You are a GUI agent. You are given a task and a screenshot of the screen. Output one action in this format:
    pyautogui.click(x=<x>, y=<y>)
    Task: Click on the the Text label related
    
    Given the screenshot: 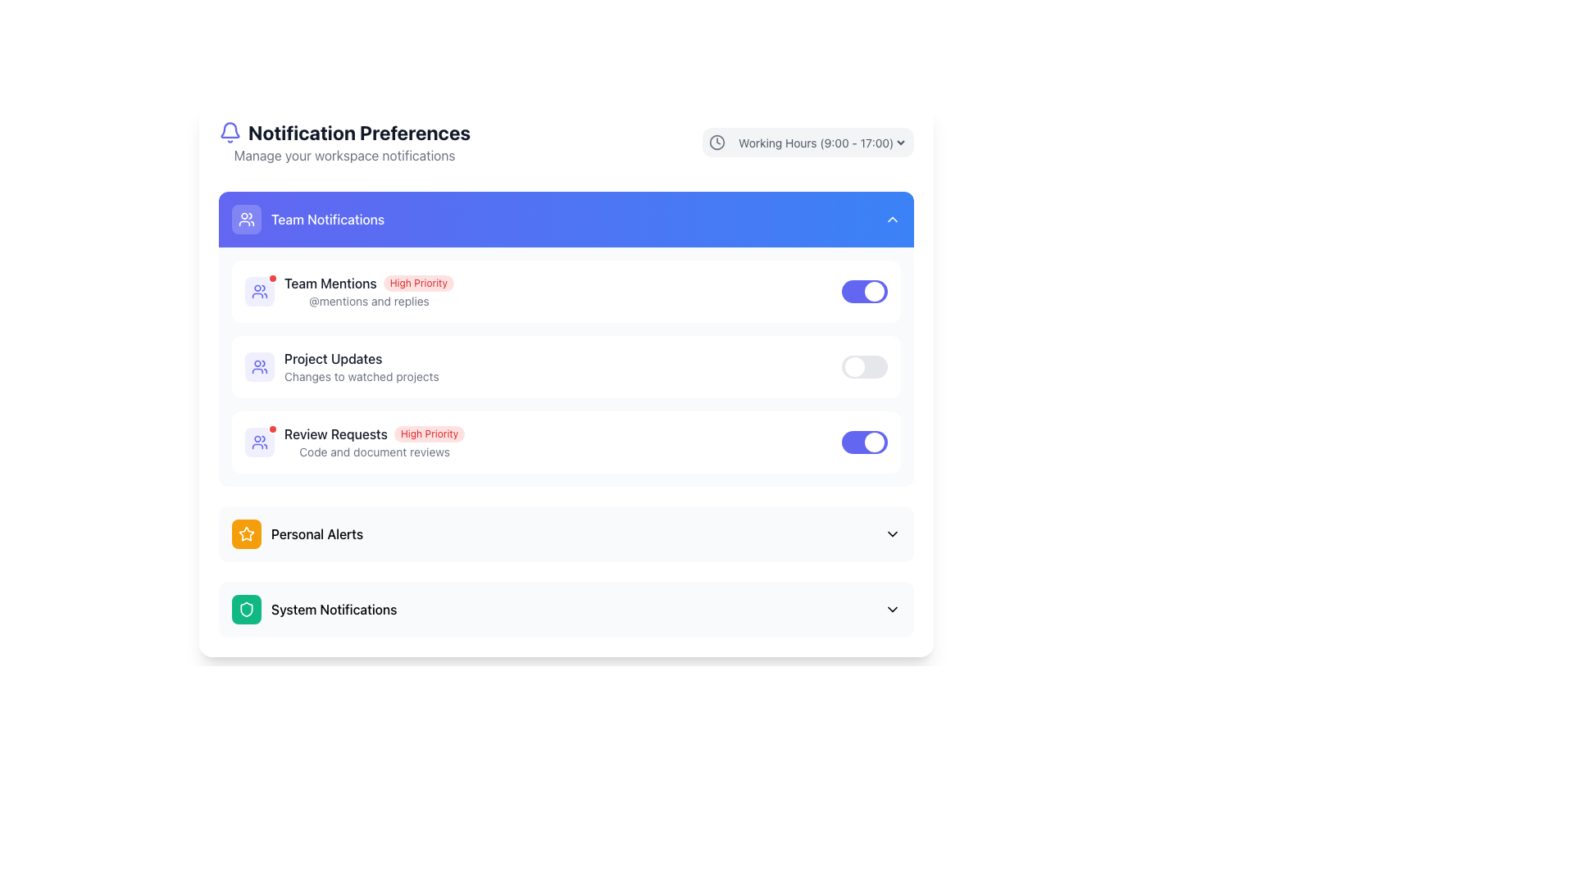 What is the action you would take?
    pyautogui.click(x=333, y=610)
    